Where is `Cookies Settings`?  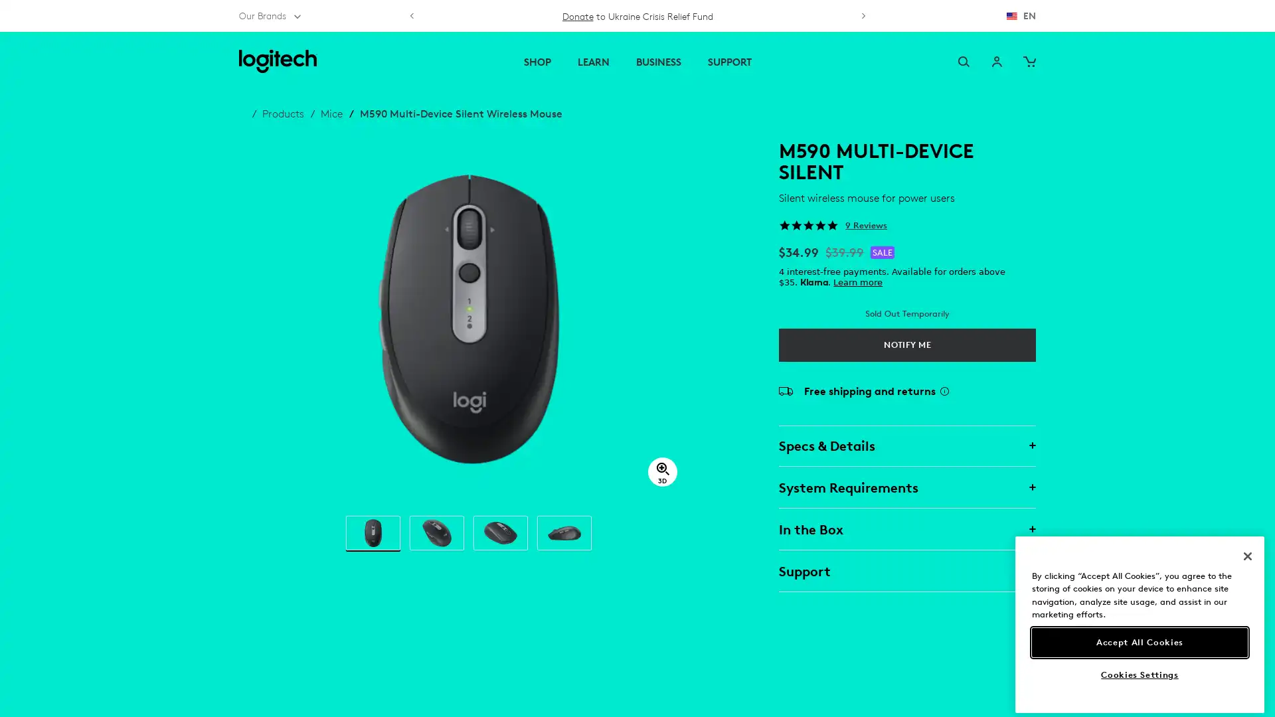 Cookies Settings is located at coordinates (1139, 672).